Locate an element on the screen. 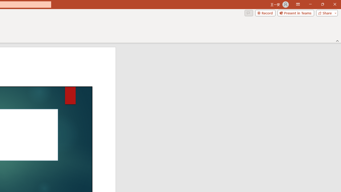 The image size is (341, 192). 'Record' is located at coordinates (265, 13).